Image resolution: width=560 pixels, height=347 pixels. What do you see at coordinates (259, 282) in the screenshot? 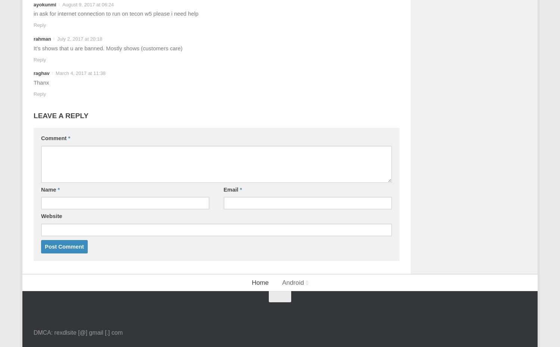
I see `'Home'` at bounding box center [259, 282].